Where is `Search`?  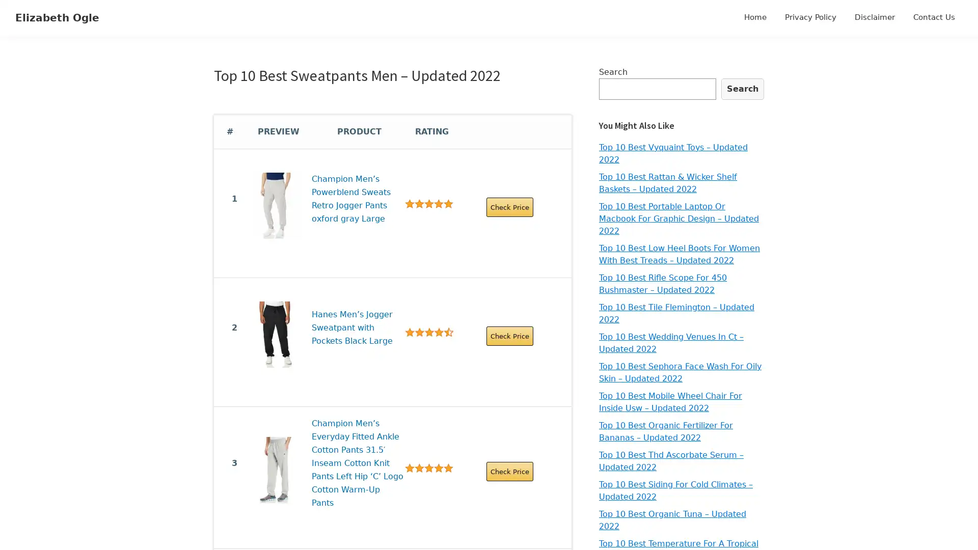 Search is located at coordinates (743, 88).